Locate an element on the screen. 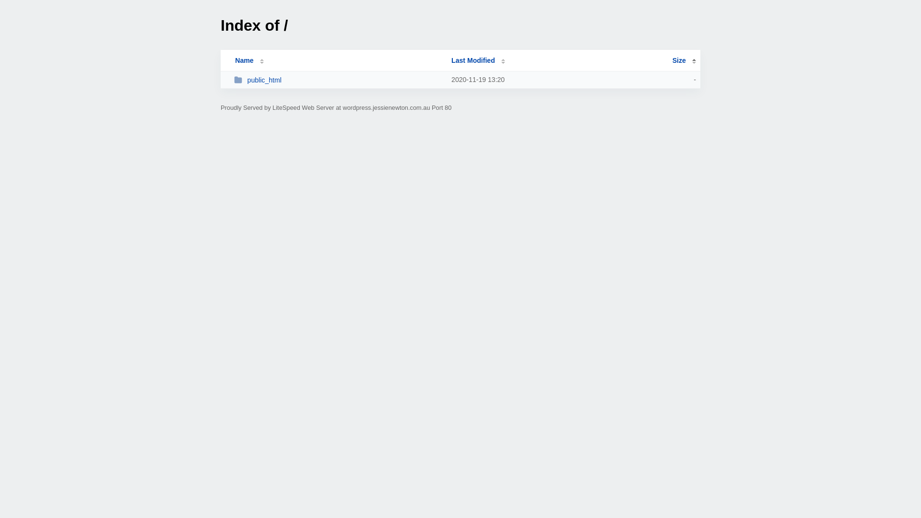 The image size is (921, 518). 'Name' is located at coordinates (244, 60).